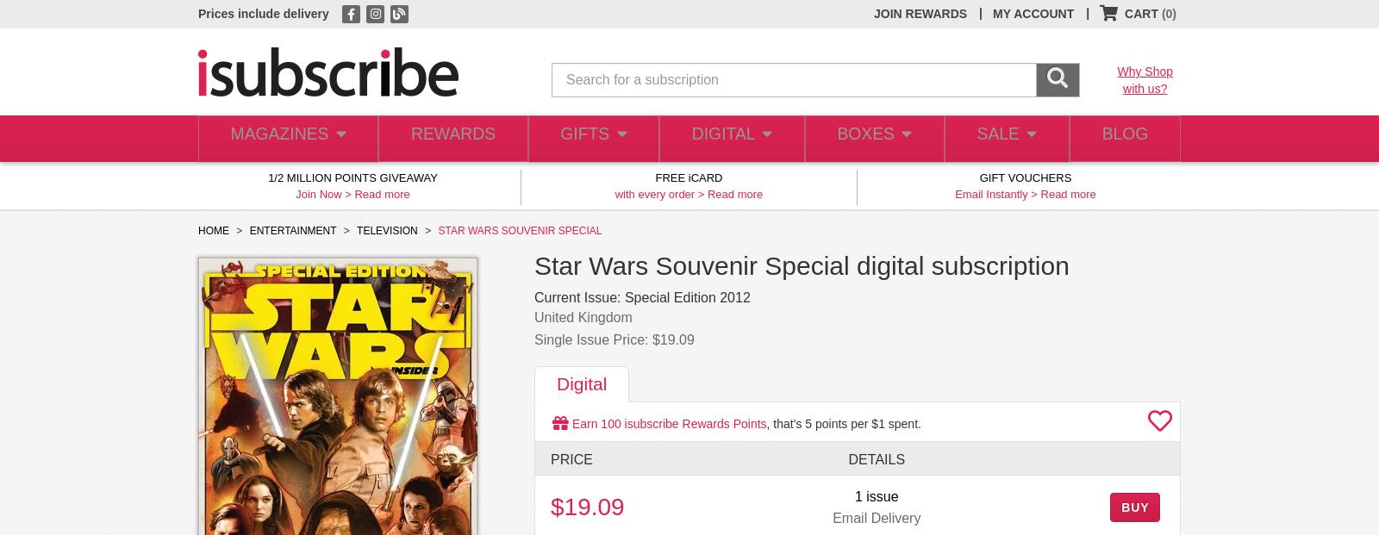  Describe the element at coordinates (1123, 13) in the screenshot. I see `'CART'` at that location.